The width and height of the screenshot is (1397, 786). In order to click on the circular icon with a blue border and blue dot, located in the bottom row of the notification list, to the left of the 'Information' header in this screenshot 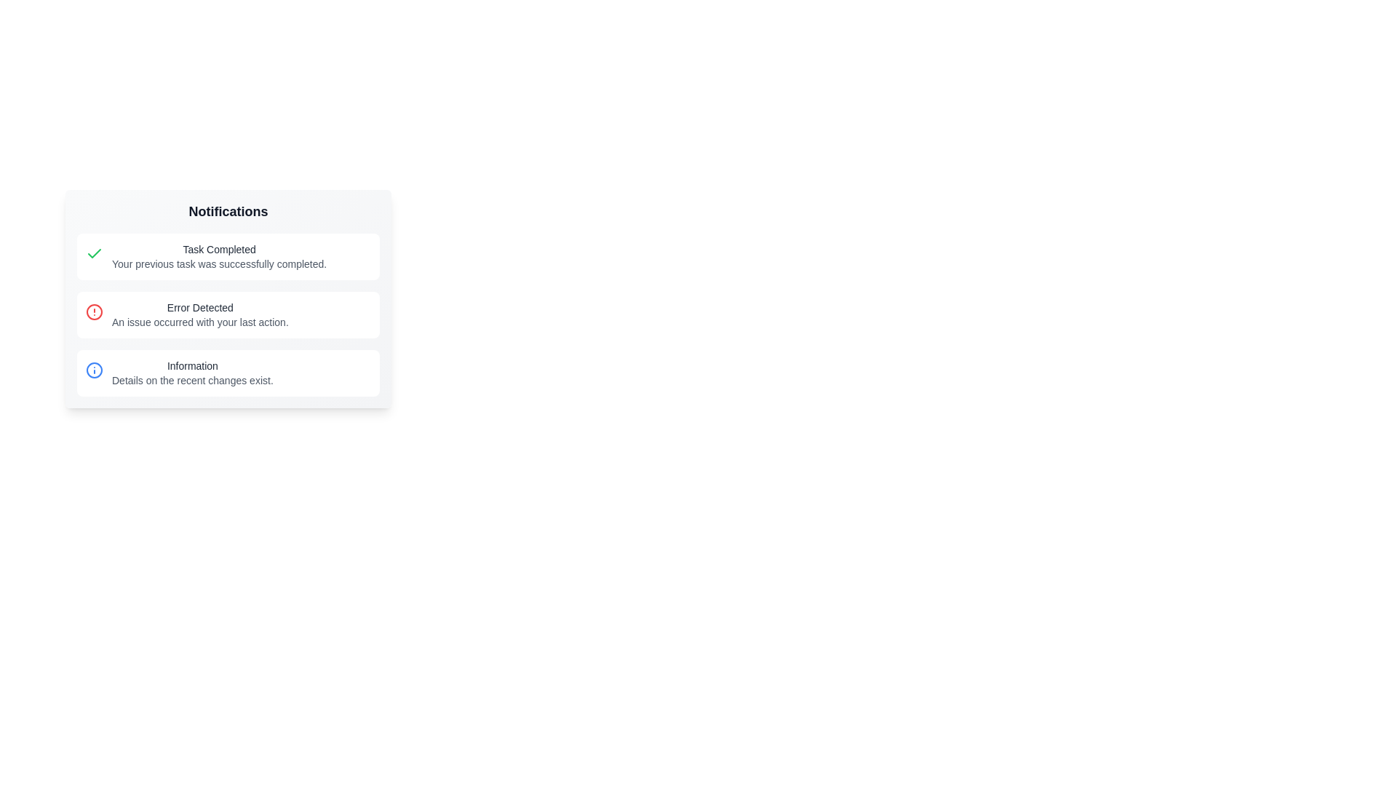, I will do `click(93, 370)`.